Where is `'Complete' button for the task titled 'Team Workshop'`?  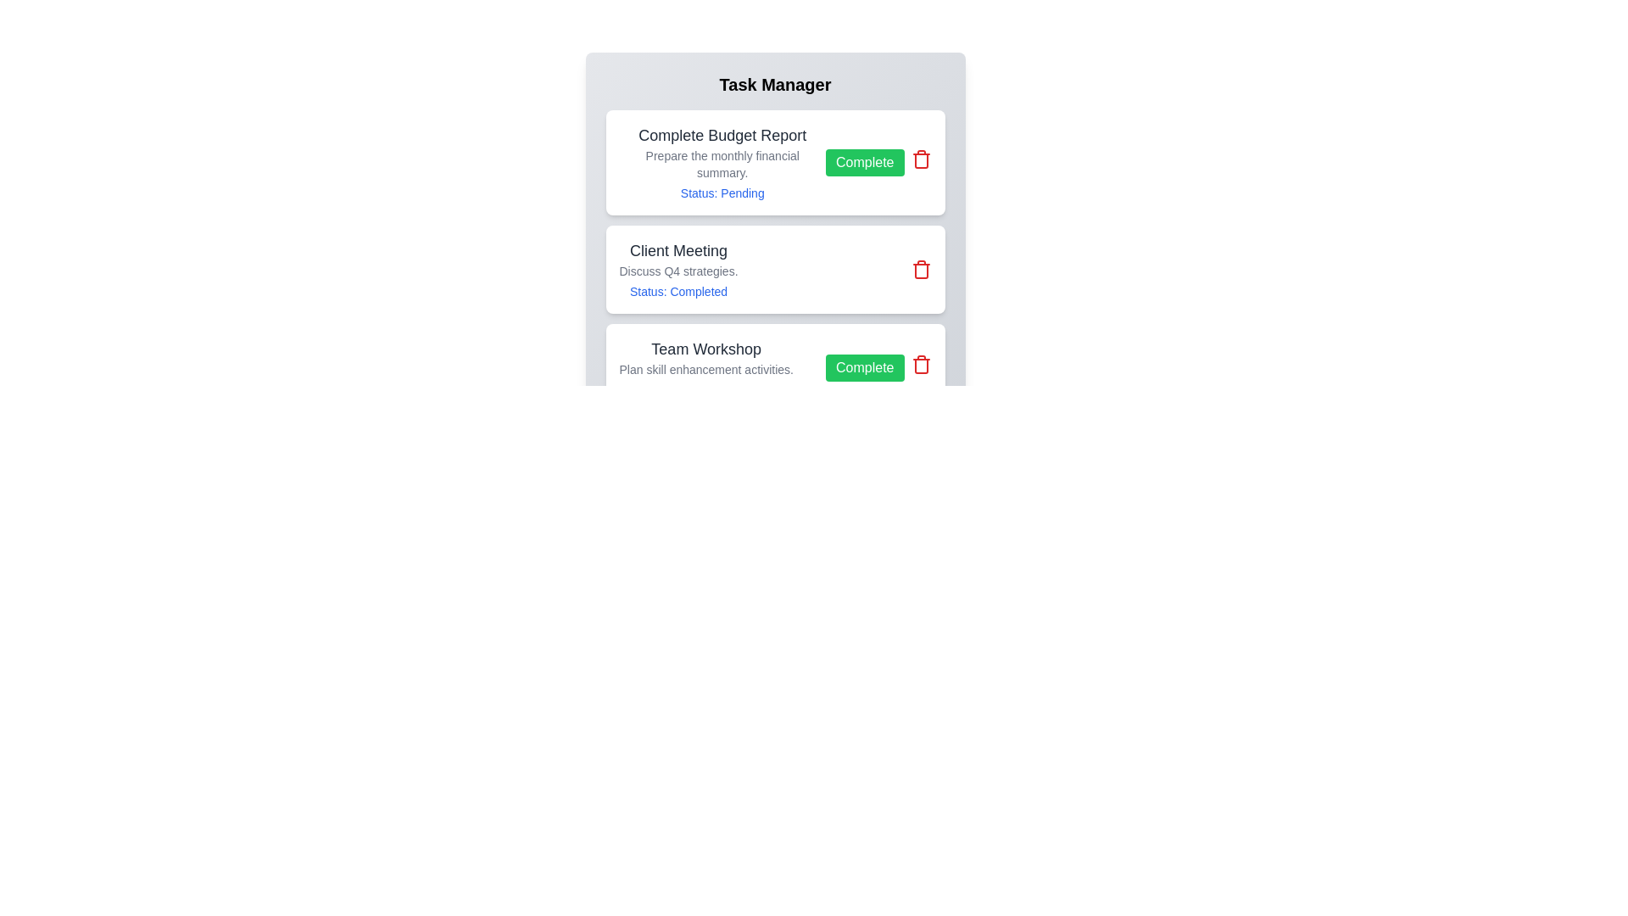 'Complete' button for the task titled 'Team Workshop' is located at coordinates (865, 367).